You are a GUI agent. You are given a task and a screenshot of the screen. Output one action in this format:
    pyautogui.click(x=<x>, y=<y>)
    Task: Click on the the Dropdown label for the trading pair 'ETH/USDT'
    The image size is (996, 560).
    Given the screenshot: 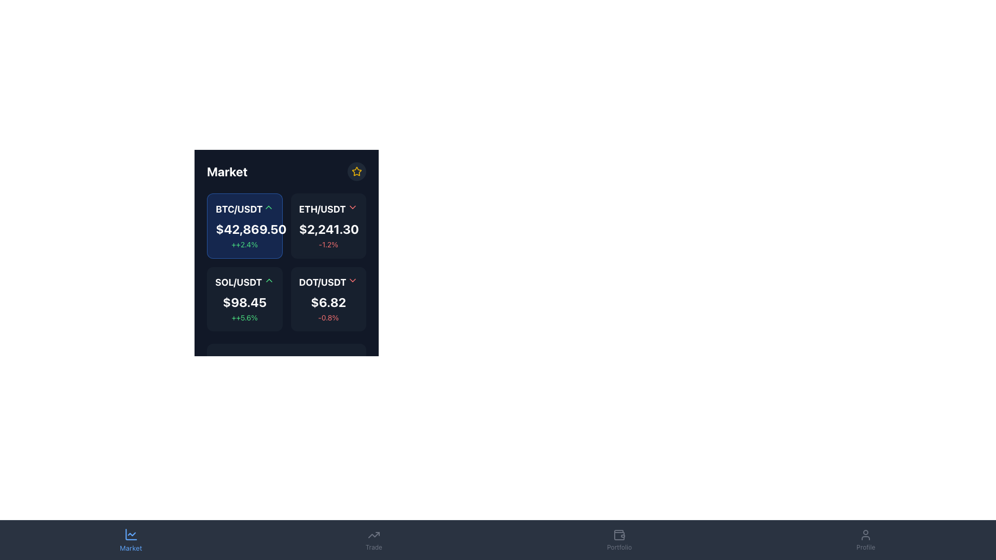 What is the action you would take?
    pyautogui.click(x=328, y=209)
    